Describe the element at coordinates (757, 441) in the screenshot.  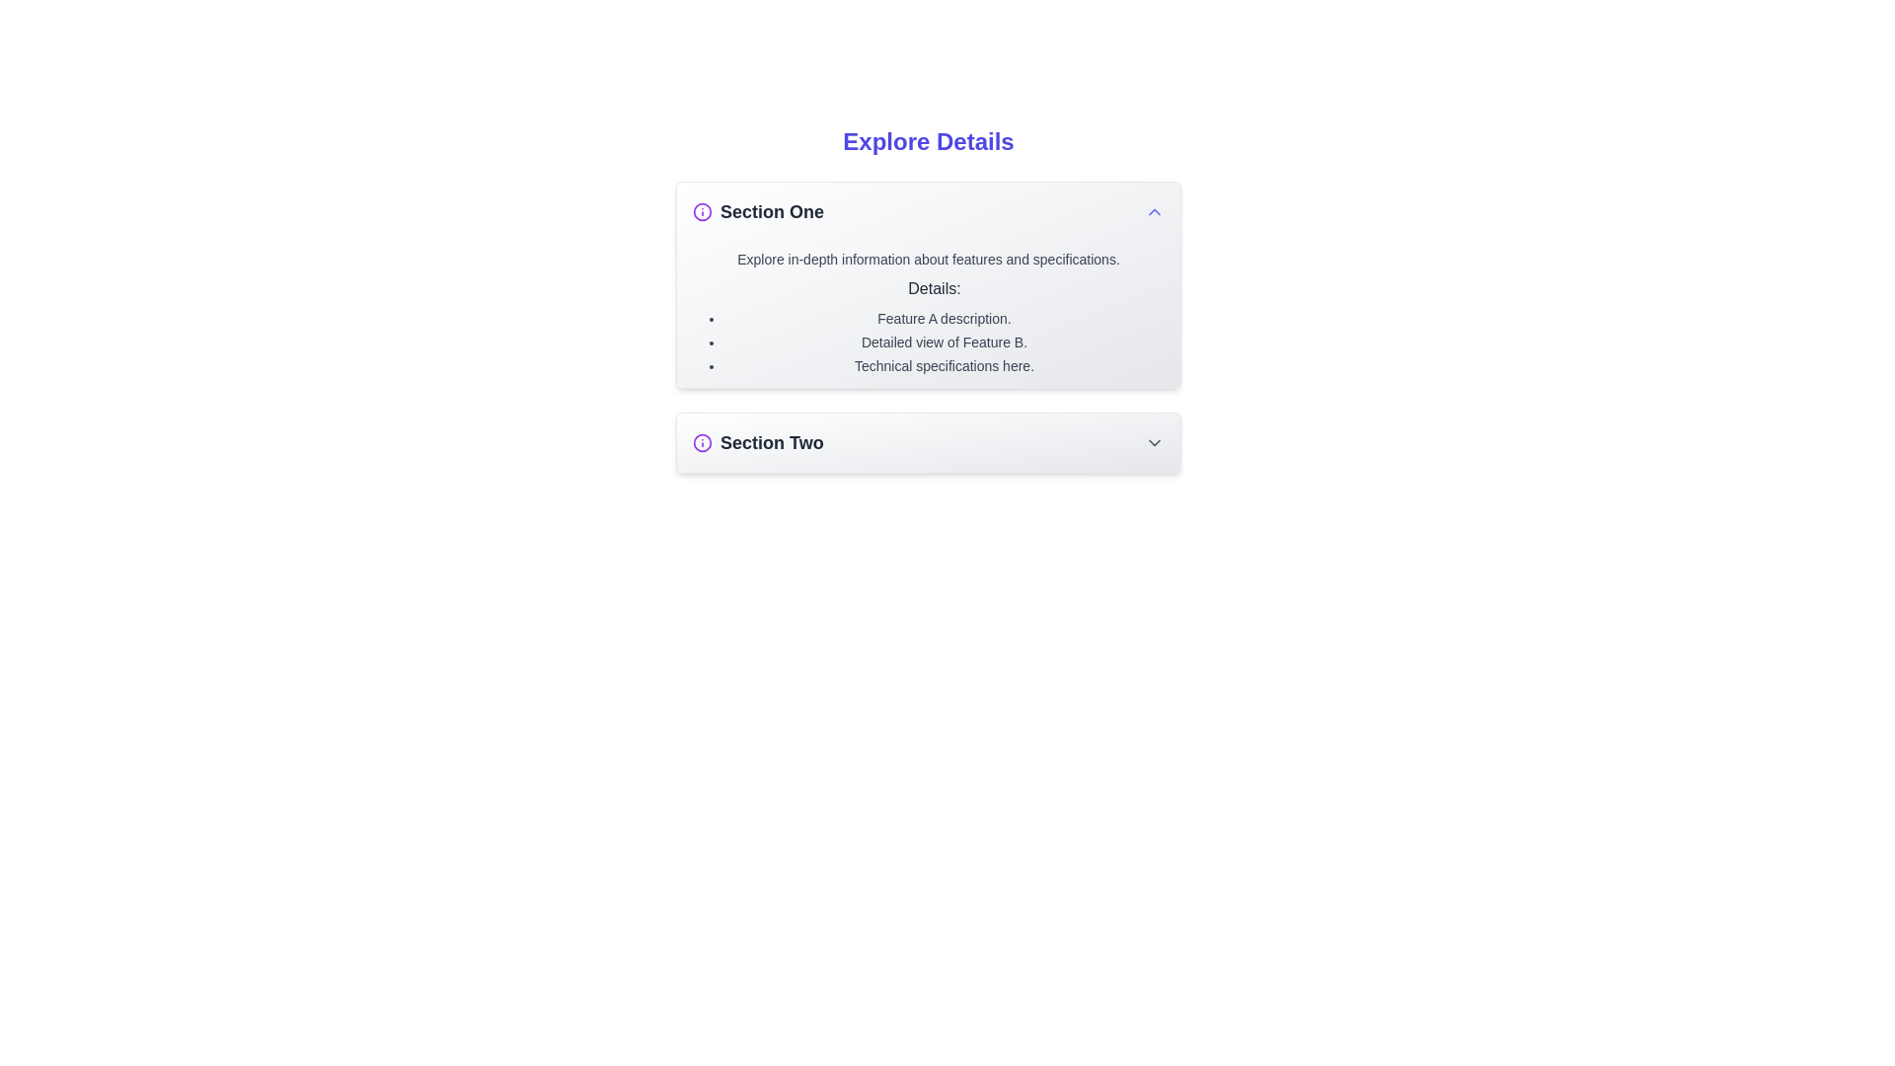
I see `the Text Label with Associated Icon for 'Section Two' located under 'Explore Details'` at that location.